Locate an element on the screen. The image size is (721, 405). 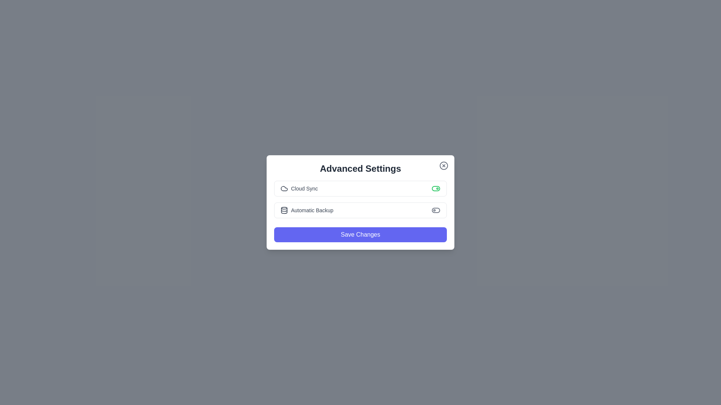
the toggle in the central dialog box to switch on or off the 'Cloud Sync' or 'Automatic Backup' setting is located at coordinates (360, 202).